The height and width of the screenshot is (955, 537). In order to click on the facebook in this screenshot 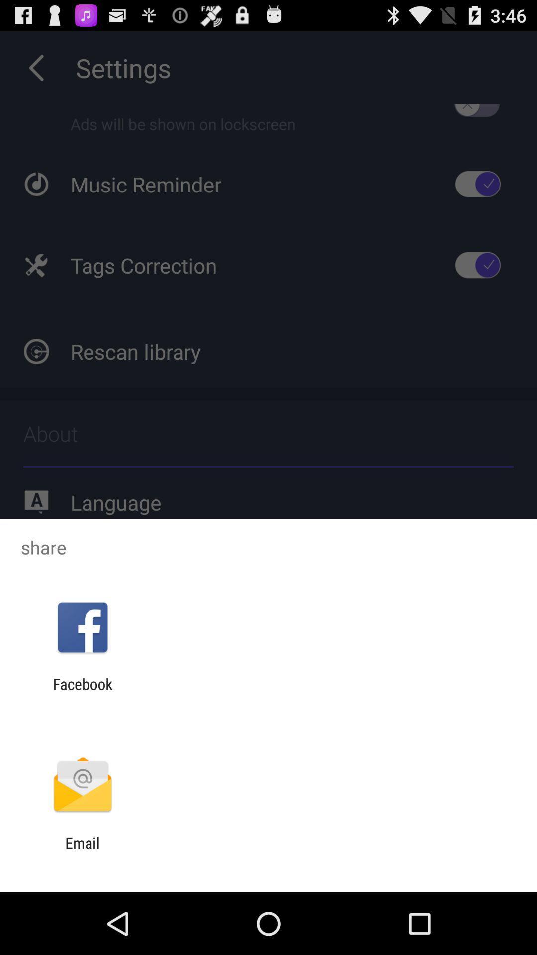, I will do `click(82, 692)`.